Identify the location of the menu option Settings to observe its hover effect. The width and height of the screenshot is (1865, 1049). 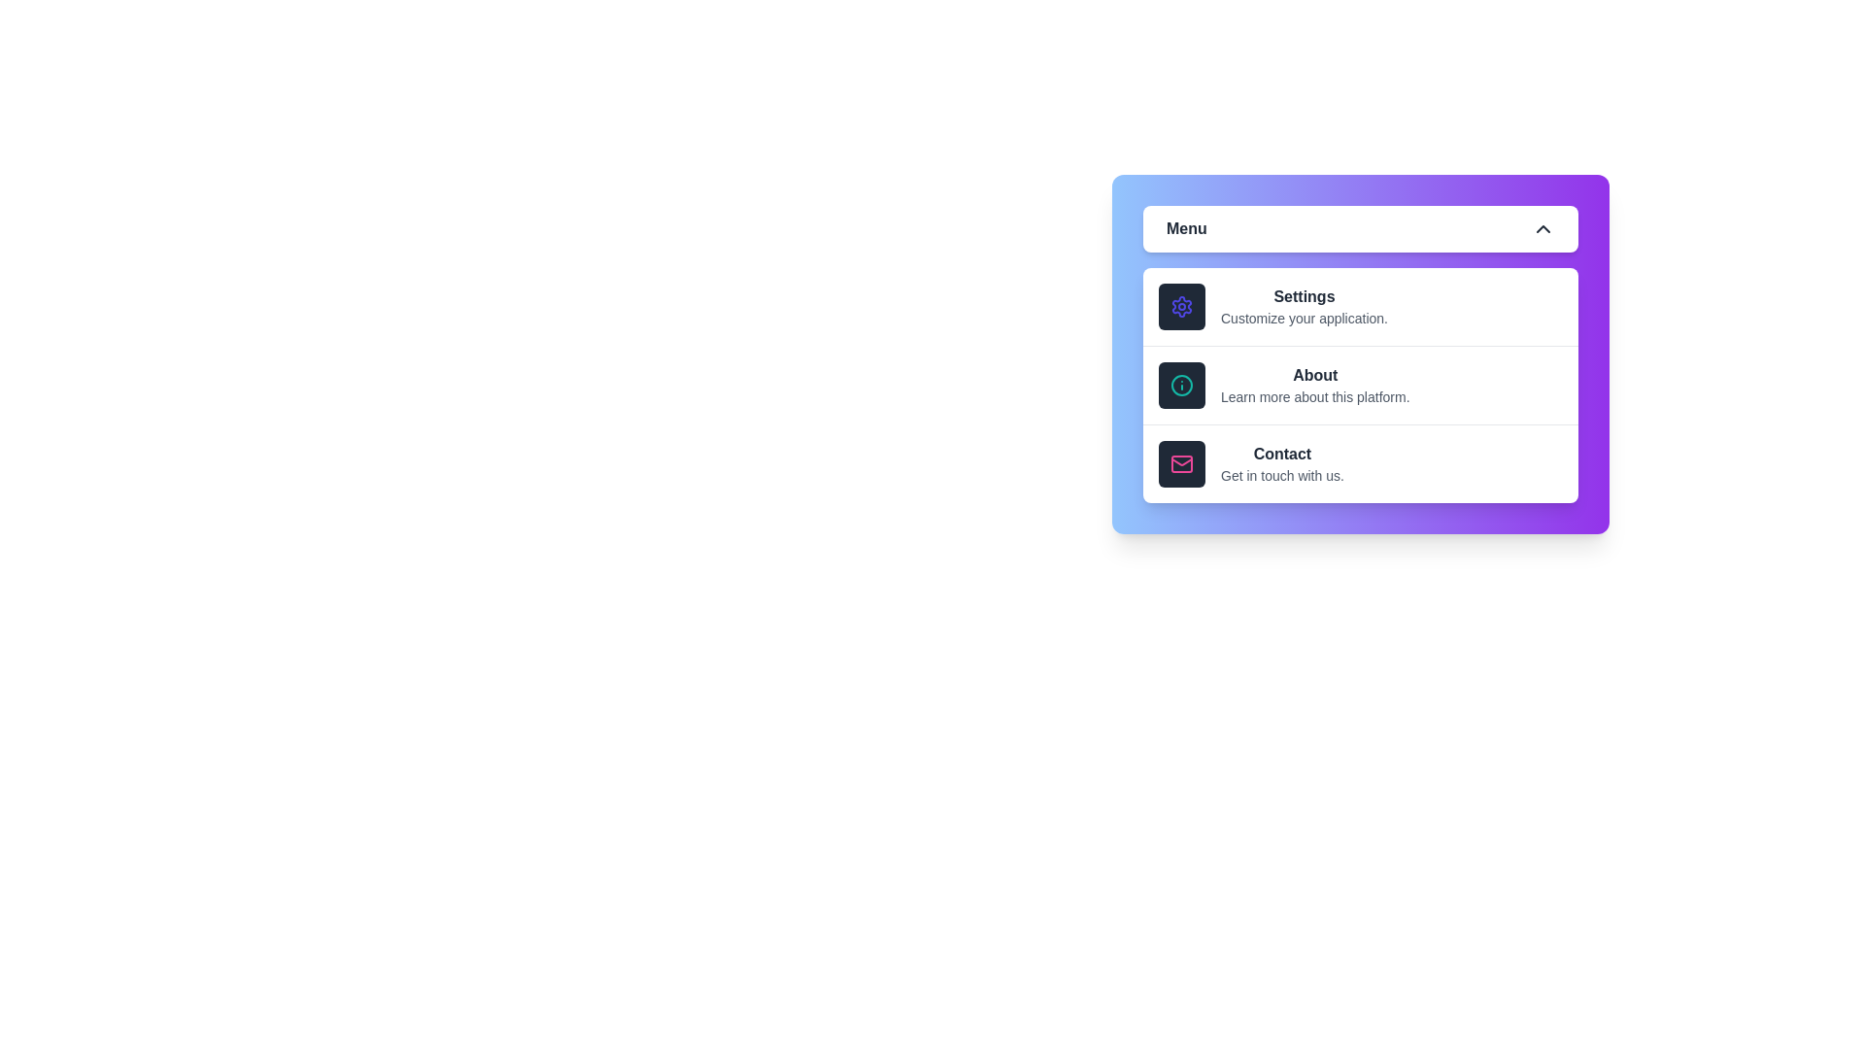
(1360, 306).